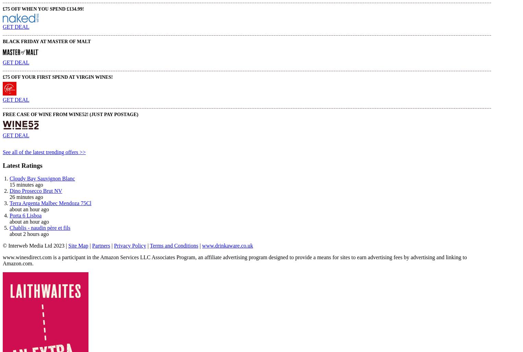 The image size is (523, 352). I want to click on 'FREE Case of Wine from Wine52! (Just pay postage)', so click(70, 114).